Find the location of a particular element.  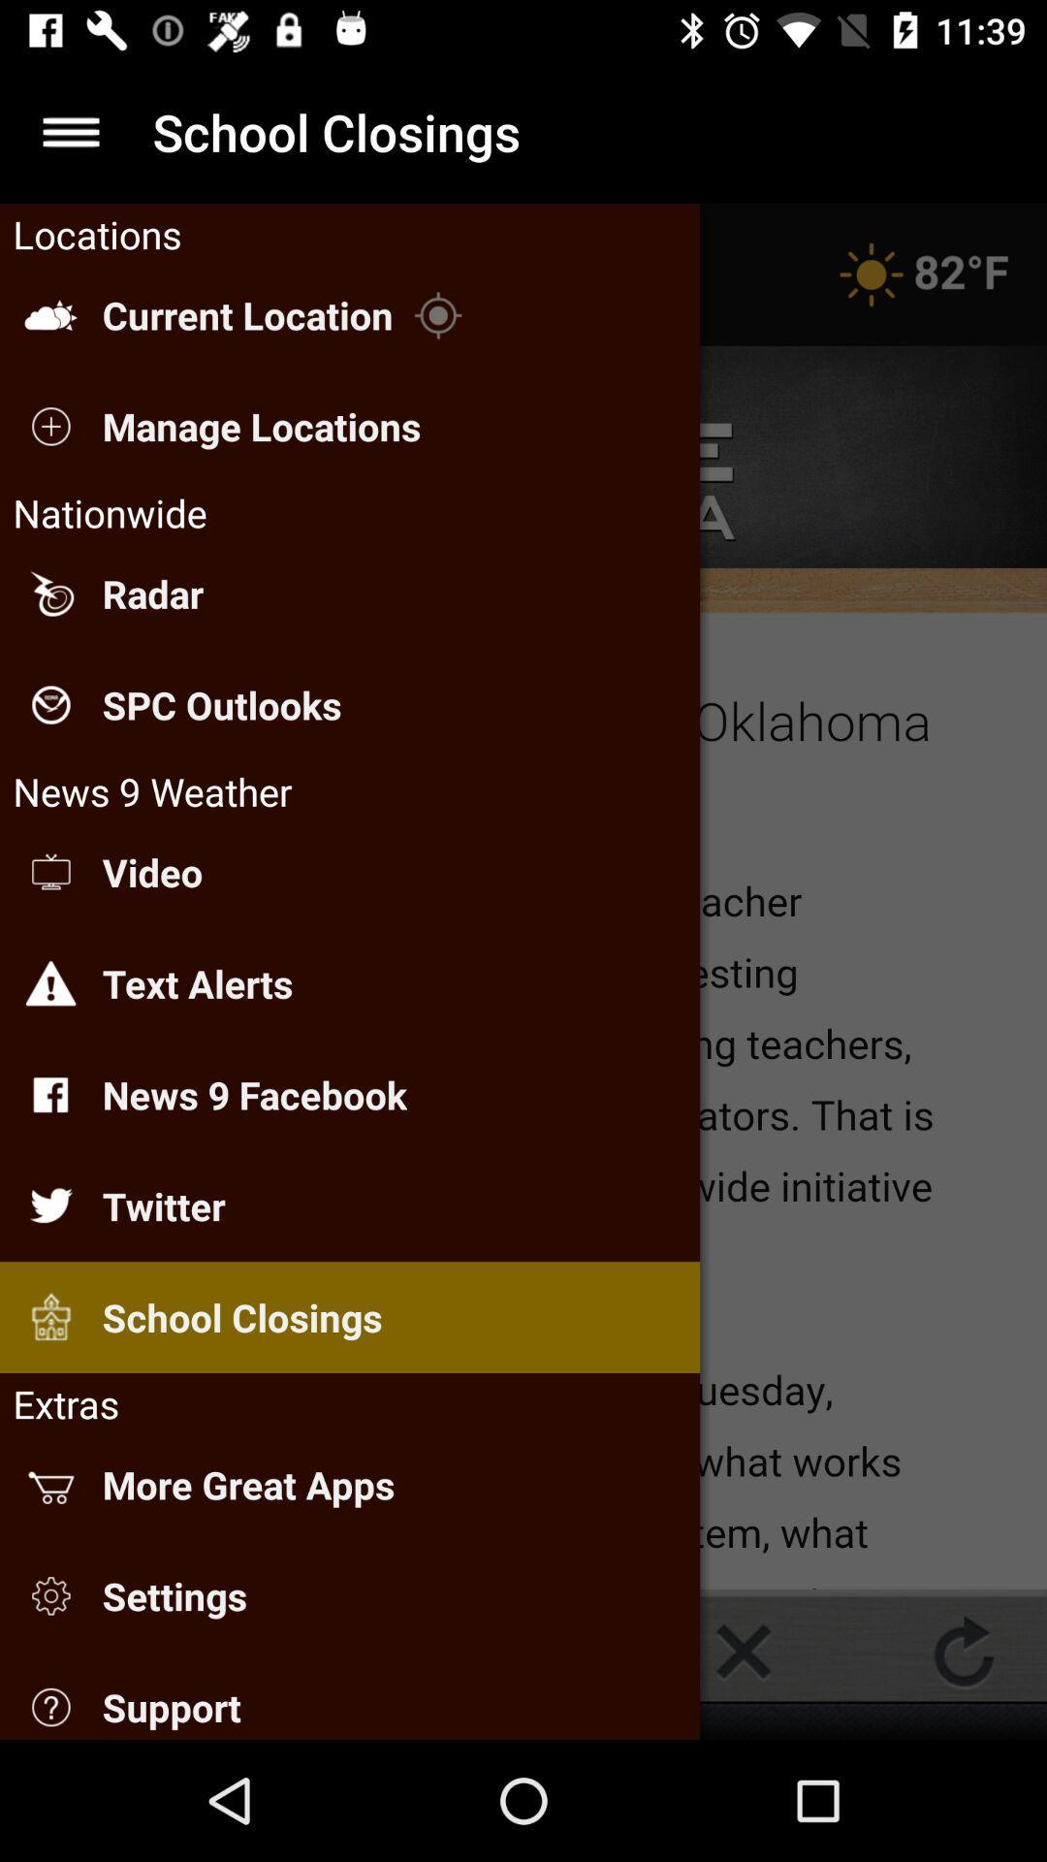

the menu icon is located at coordinates (70, 131).